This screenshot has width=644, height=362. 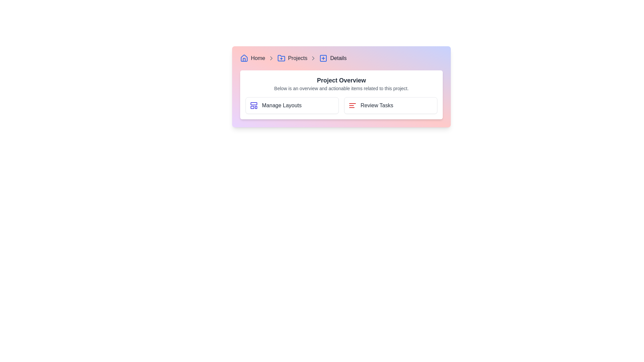 I want to click on keyboard navigation, so click(x=391, y=106).